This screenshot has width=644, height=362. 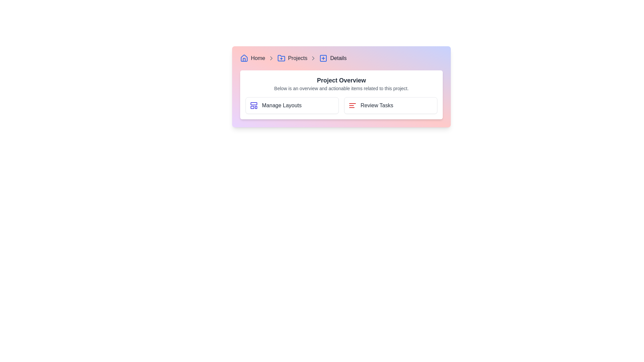 I want to click on keyboard navigation, so click(x=391, y=106).